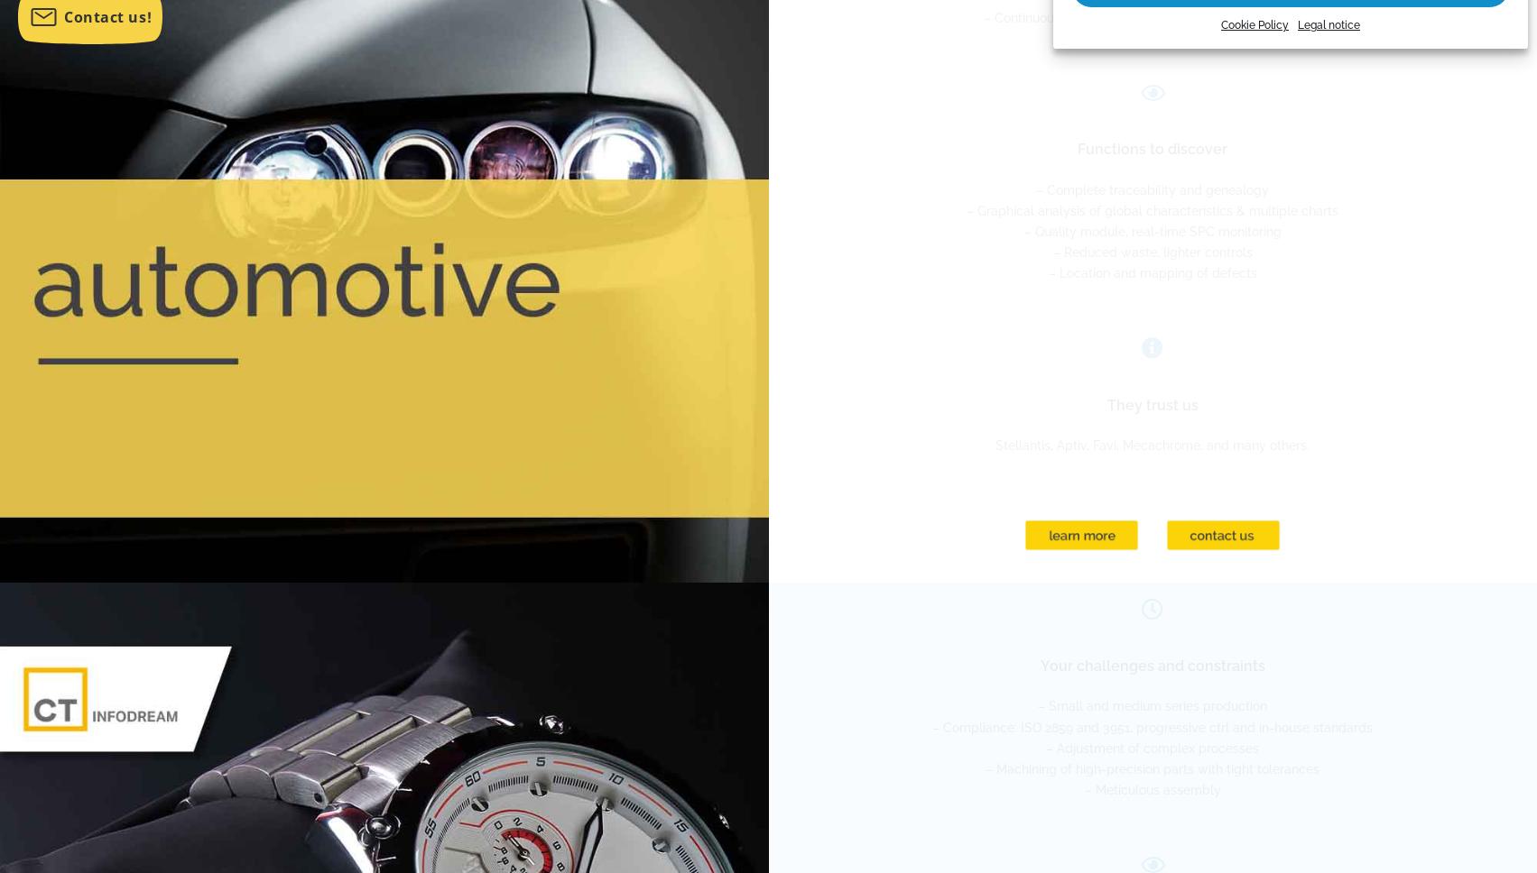  Describe the element at coordinates (1152, 208) in the screenshot. I see `'– Graphical analysis of global characteristics & multiple charts'` at that location.